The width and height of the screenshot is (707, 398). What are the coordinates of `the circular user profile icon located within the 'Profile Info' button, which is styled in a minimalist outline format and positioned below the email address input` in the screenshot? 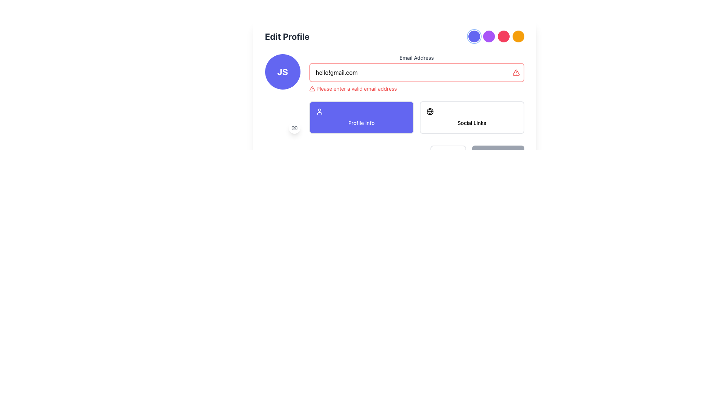 It's located at (319, 112).